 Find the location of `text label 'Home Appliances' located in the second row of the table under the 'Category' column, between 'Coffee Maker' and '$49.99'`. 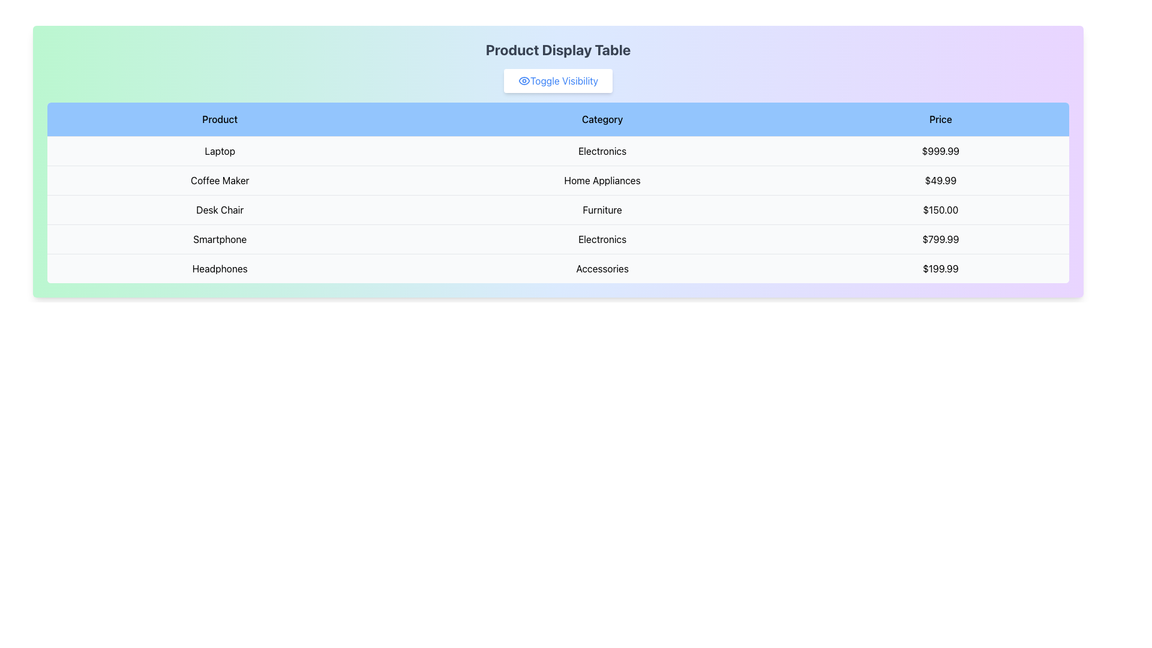

text label 'Home Appliances' located in the second row of the table under the 'Category' column, between 'Coffee Maker' and '$49.99' is located at coordinates (602, 180).